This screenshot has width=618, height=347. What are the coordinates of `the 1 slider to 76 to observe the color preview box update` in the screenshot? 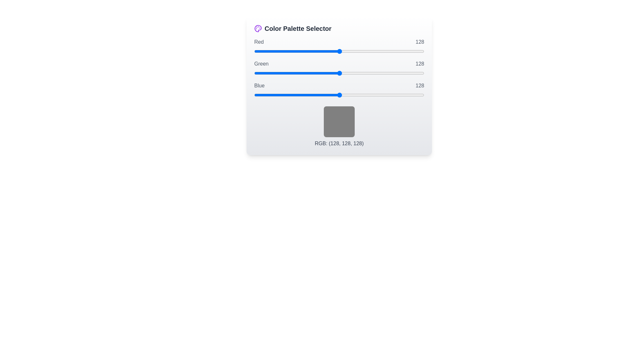 It's located at (339, 73).